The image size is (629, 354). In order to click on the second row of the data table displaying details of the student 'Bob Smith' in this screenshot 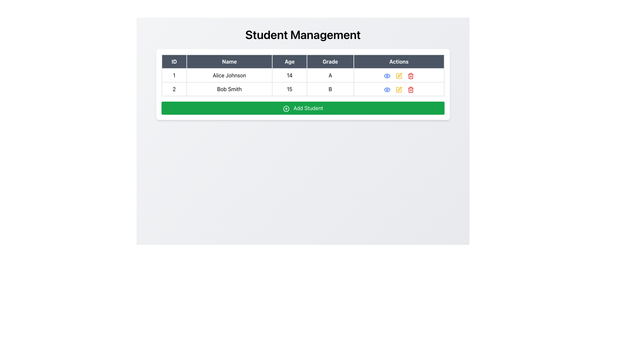, I will do `click(303, 89)`.